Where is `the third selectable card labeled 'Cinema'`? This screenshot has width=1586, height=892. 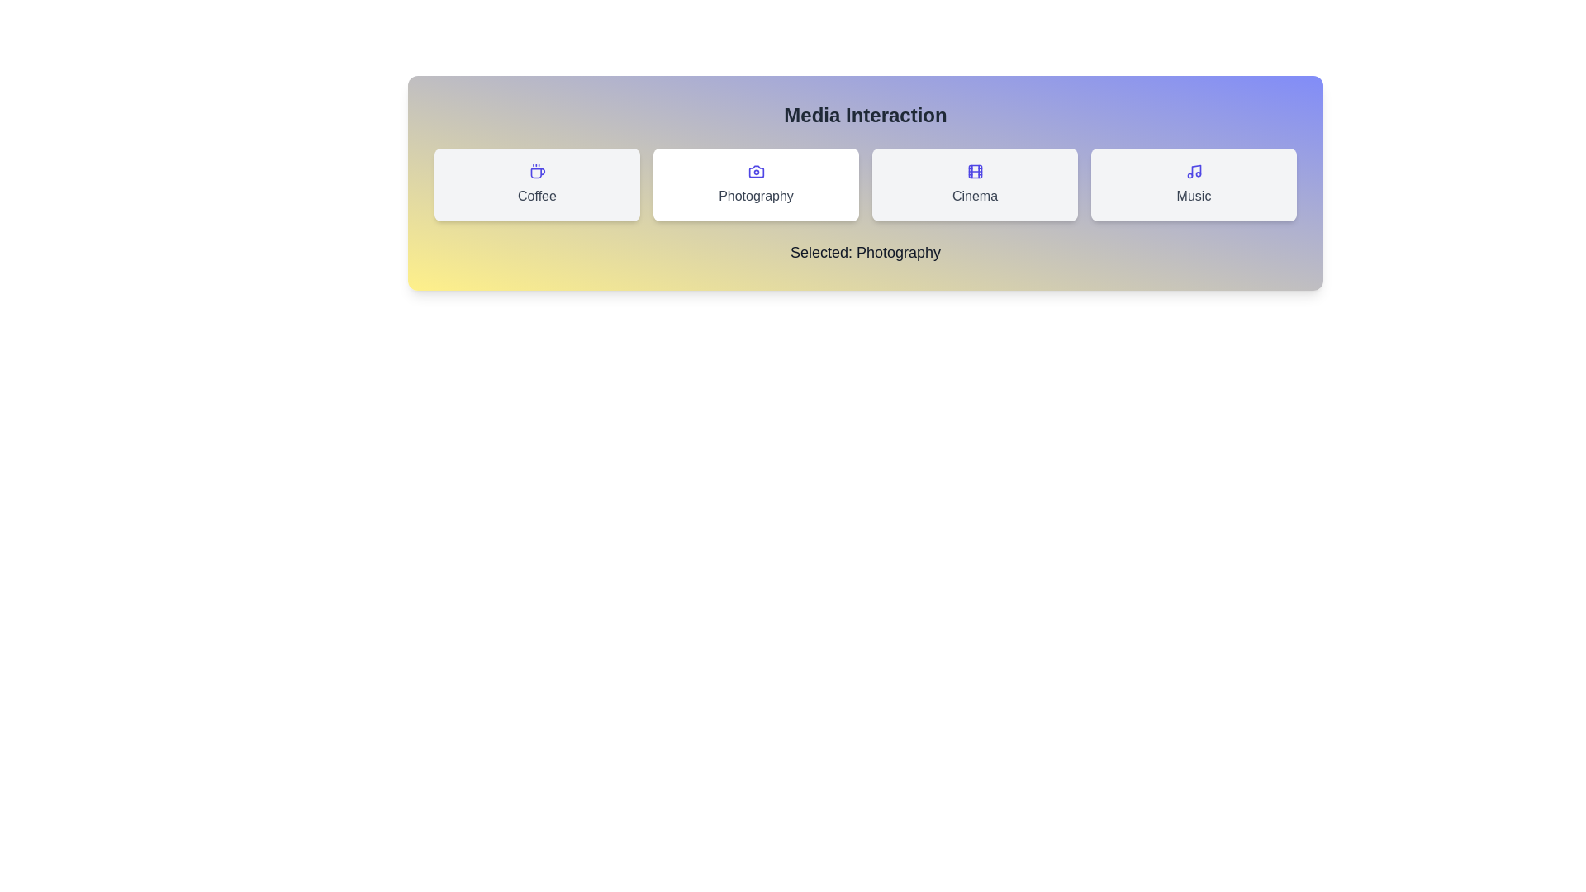 the third selectable card labeled 'Cinema' is located at coordinates (975, 184).